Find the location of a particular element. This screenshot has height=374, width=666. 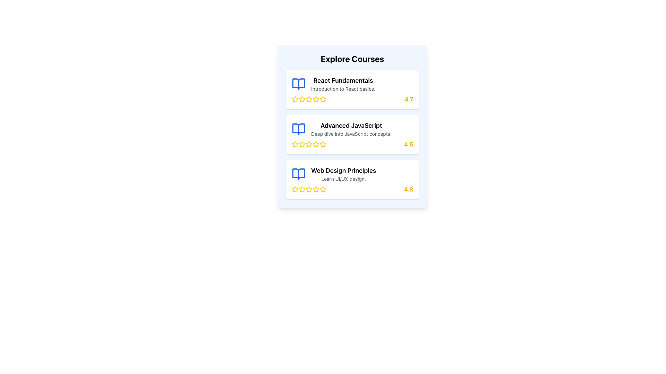

the first star icon in the rating system for the course 'Advanced JavaScript' to set the rating is located at coordinates (295, 144).